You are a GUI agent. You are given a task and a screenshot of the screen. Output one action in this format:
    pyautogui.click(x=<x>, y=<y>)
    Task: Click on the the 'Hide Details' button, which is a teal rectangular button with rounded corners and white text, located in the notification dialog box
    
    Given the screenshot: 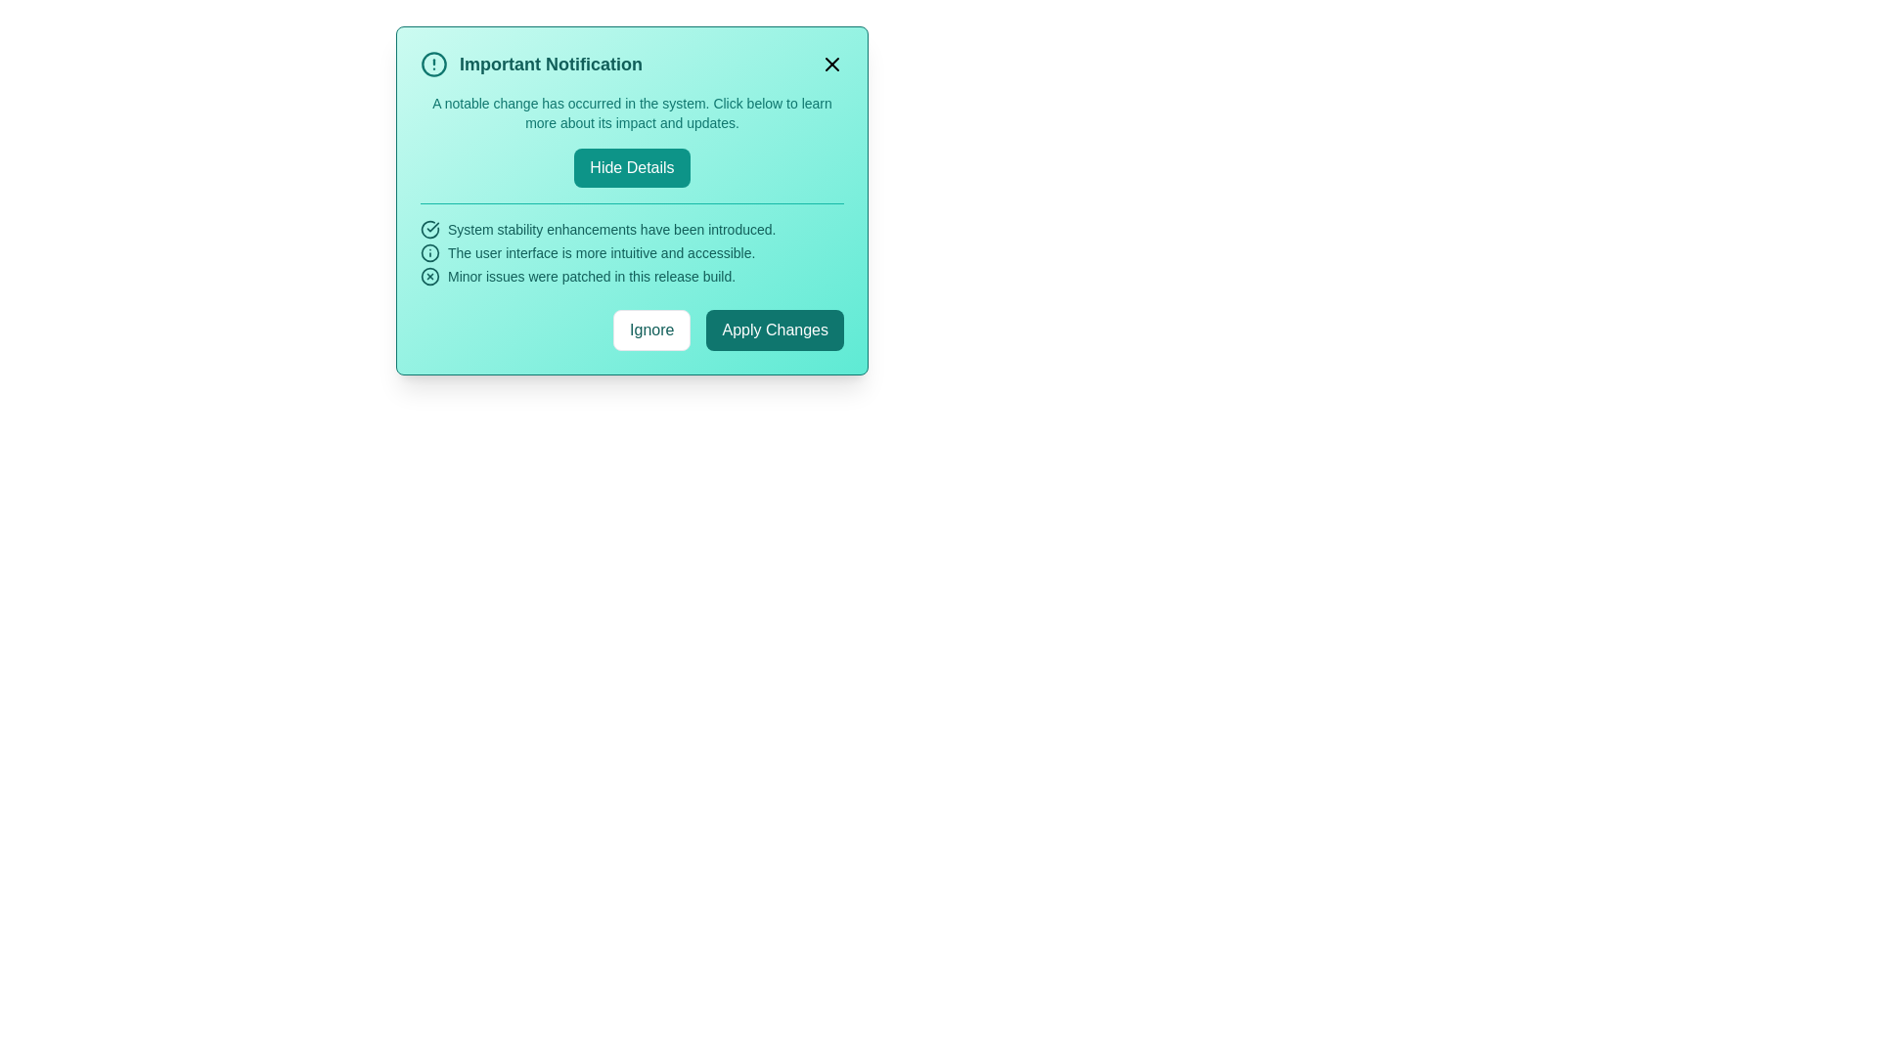 What is the action you would take?
    pyautogui.click(x=632, y=167)
    